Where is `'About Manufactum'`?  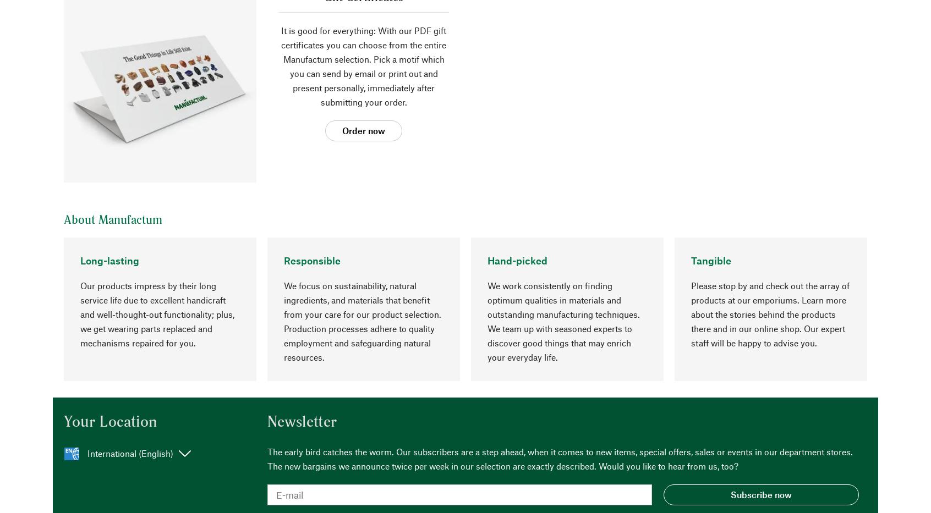 'About Manufactum' is located at coordinates (64, 219).